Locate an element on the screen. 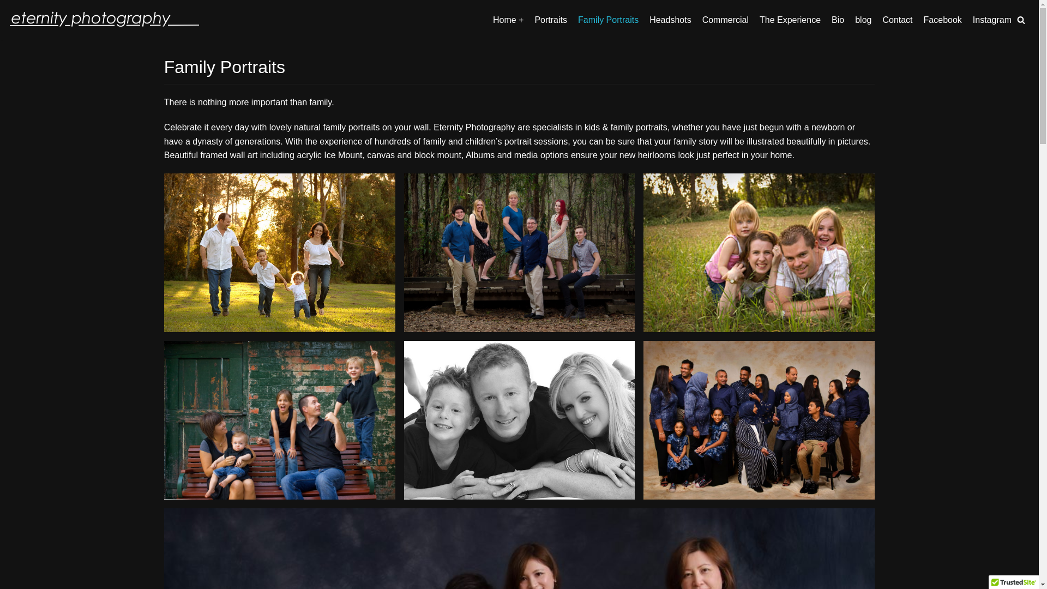  'Family Portraits' is located at coordinates (607, 20).